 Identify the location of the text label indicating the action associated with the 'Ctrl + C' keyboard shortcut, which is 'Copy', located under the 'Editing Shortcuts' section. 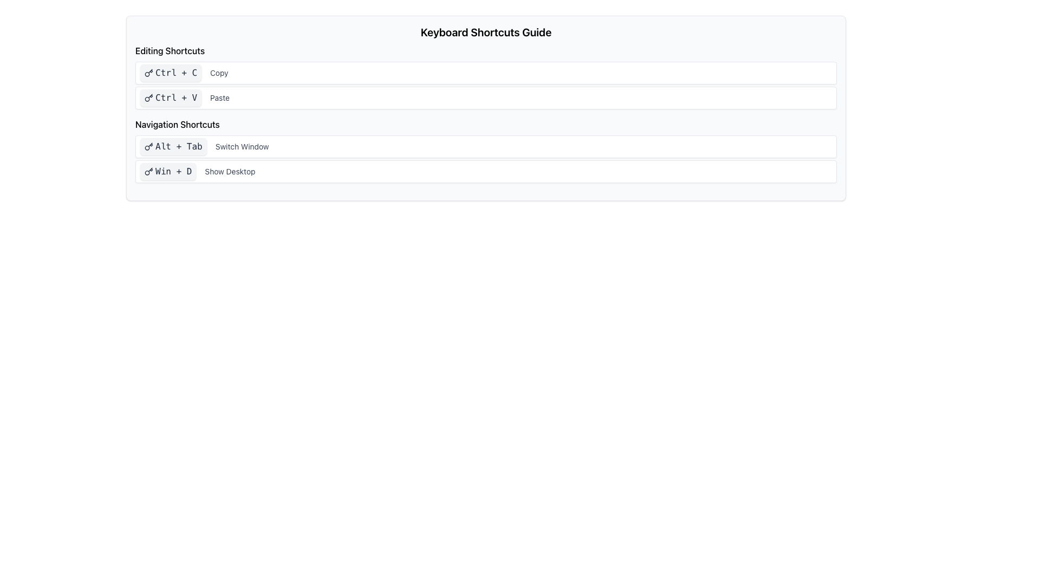
(218, 73).